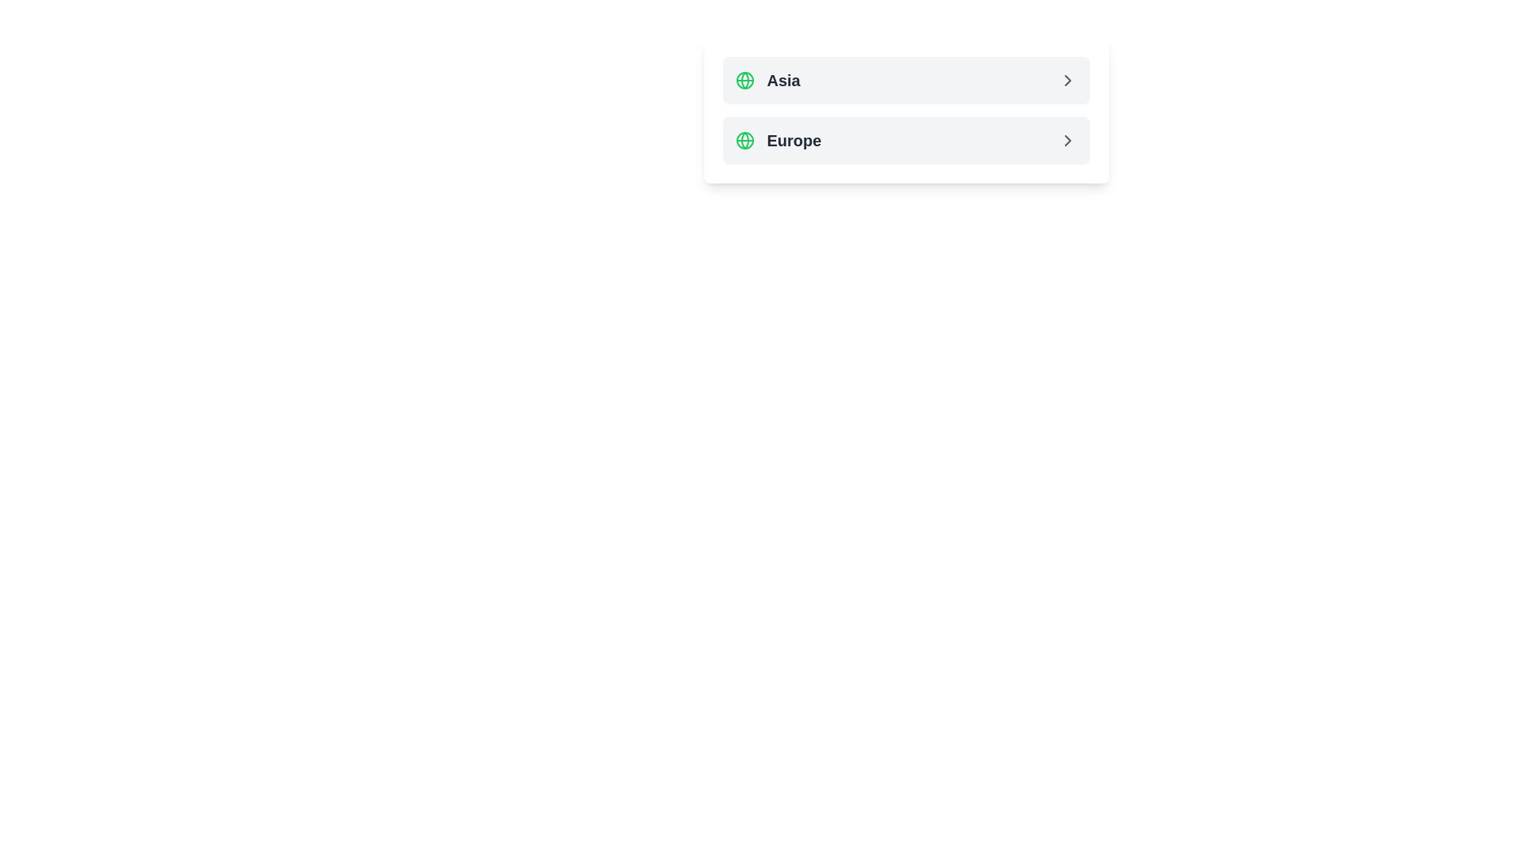 The image size is (1519, 854). What do you see at coordinates (1067, 80) in the screenshot?
I see `the navigation icon located at the far right of the 'Asia' row` at bounding box center [1067, 80].